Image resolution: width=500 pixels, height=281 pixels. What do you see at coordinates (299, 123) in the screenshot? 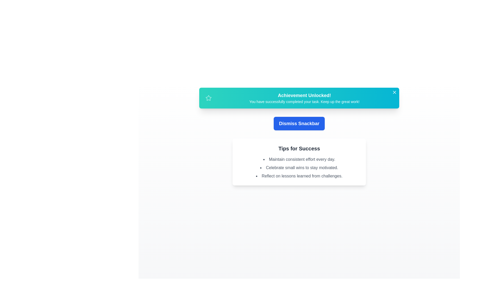
I see `the 'Dismiss Snackbar' button to toggle the snackbar` at bounding box center [299, 123].